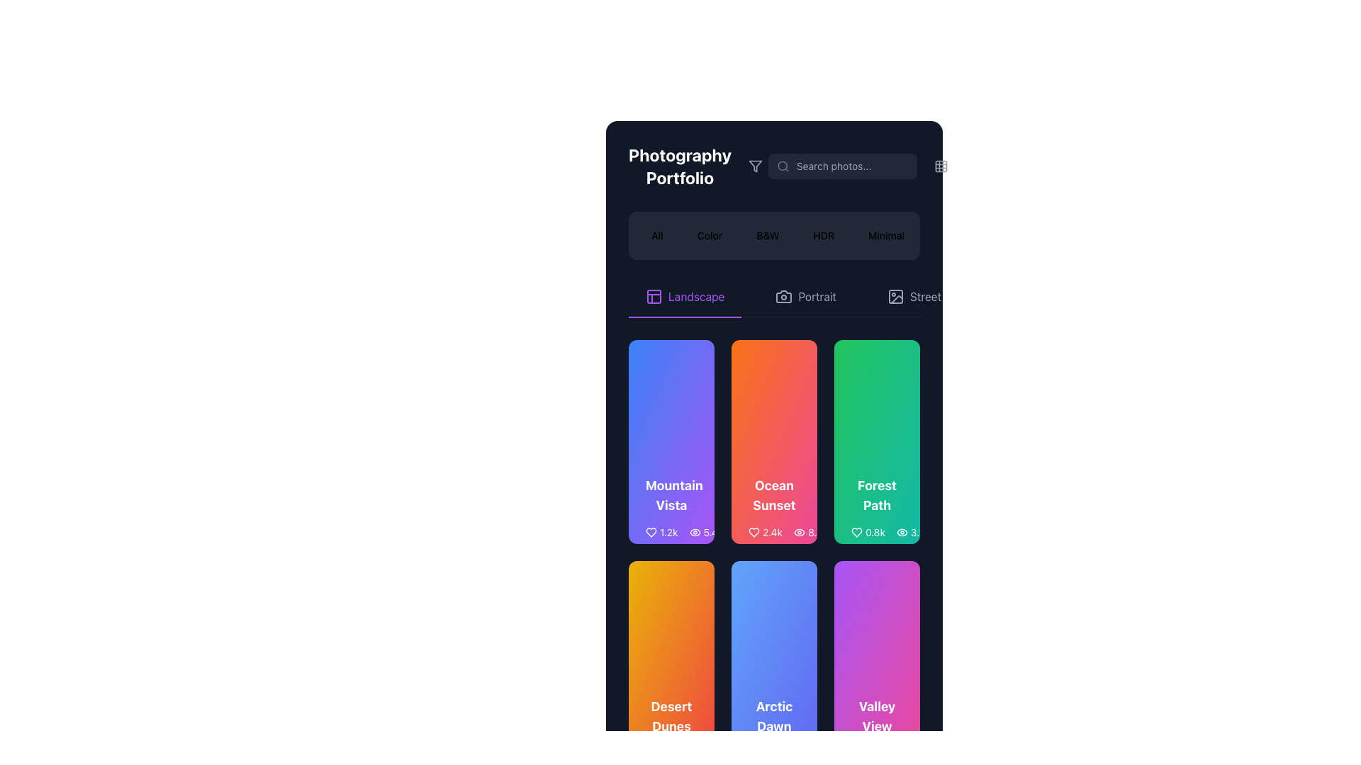 This screenshot has width=1361, height=765. Describe the element at coordinates (671, 494) in the screenshot. I see `the text label 'Mountain Vista' styled in bold white font on a vibrant purple-blue gradient background` at that location.